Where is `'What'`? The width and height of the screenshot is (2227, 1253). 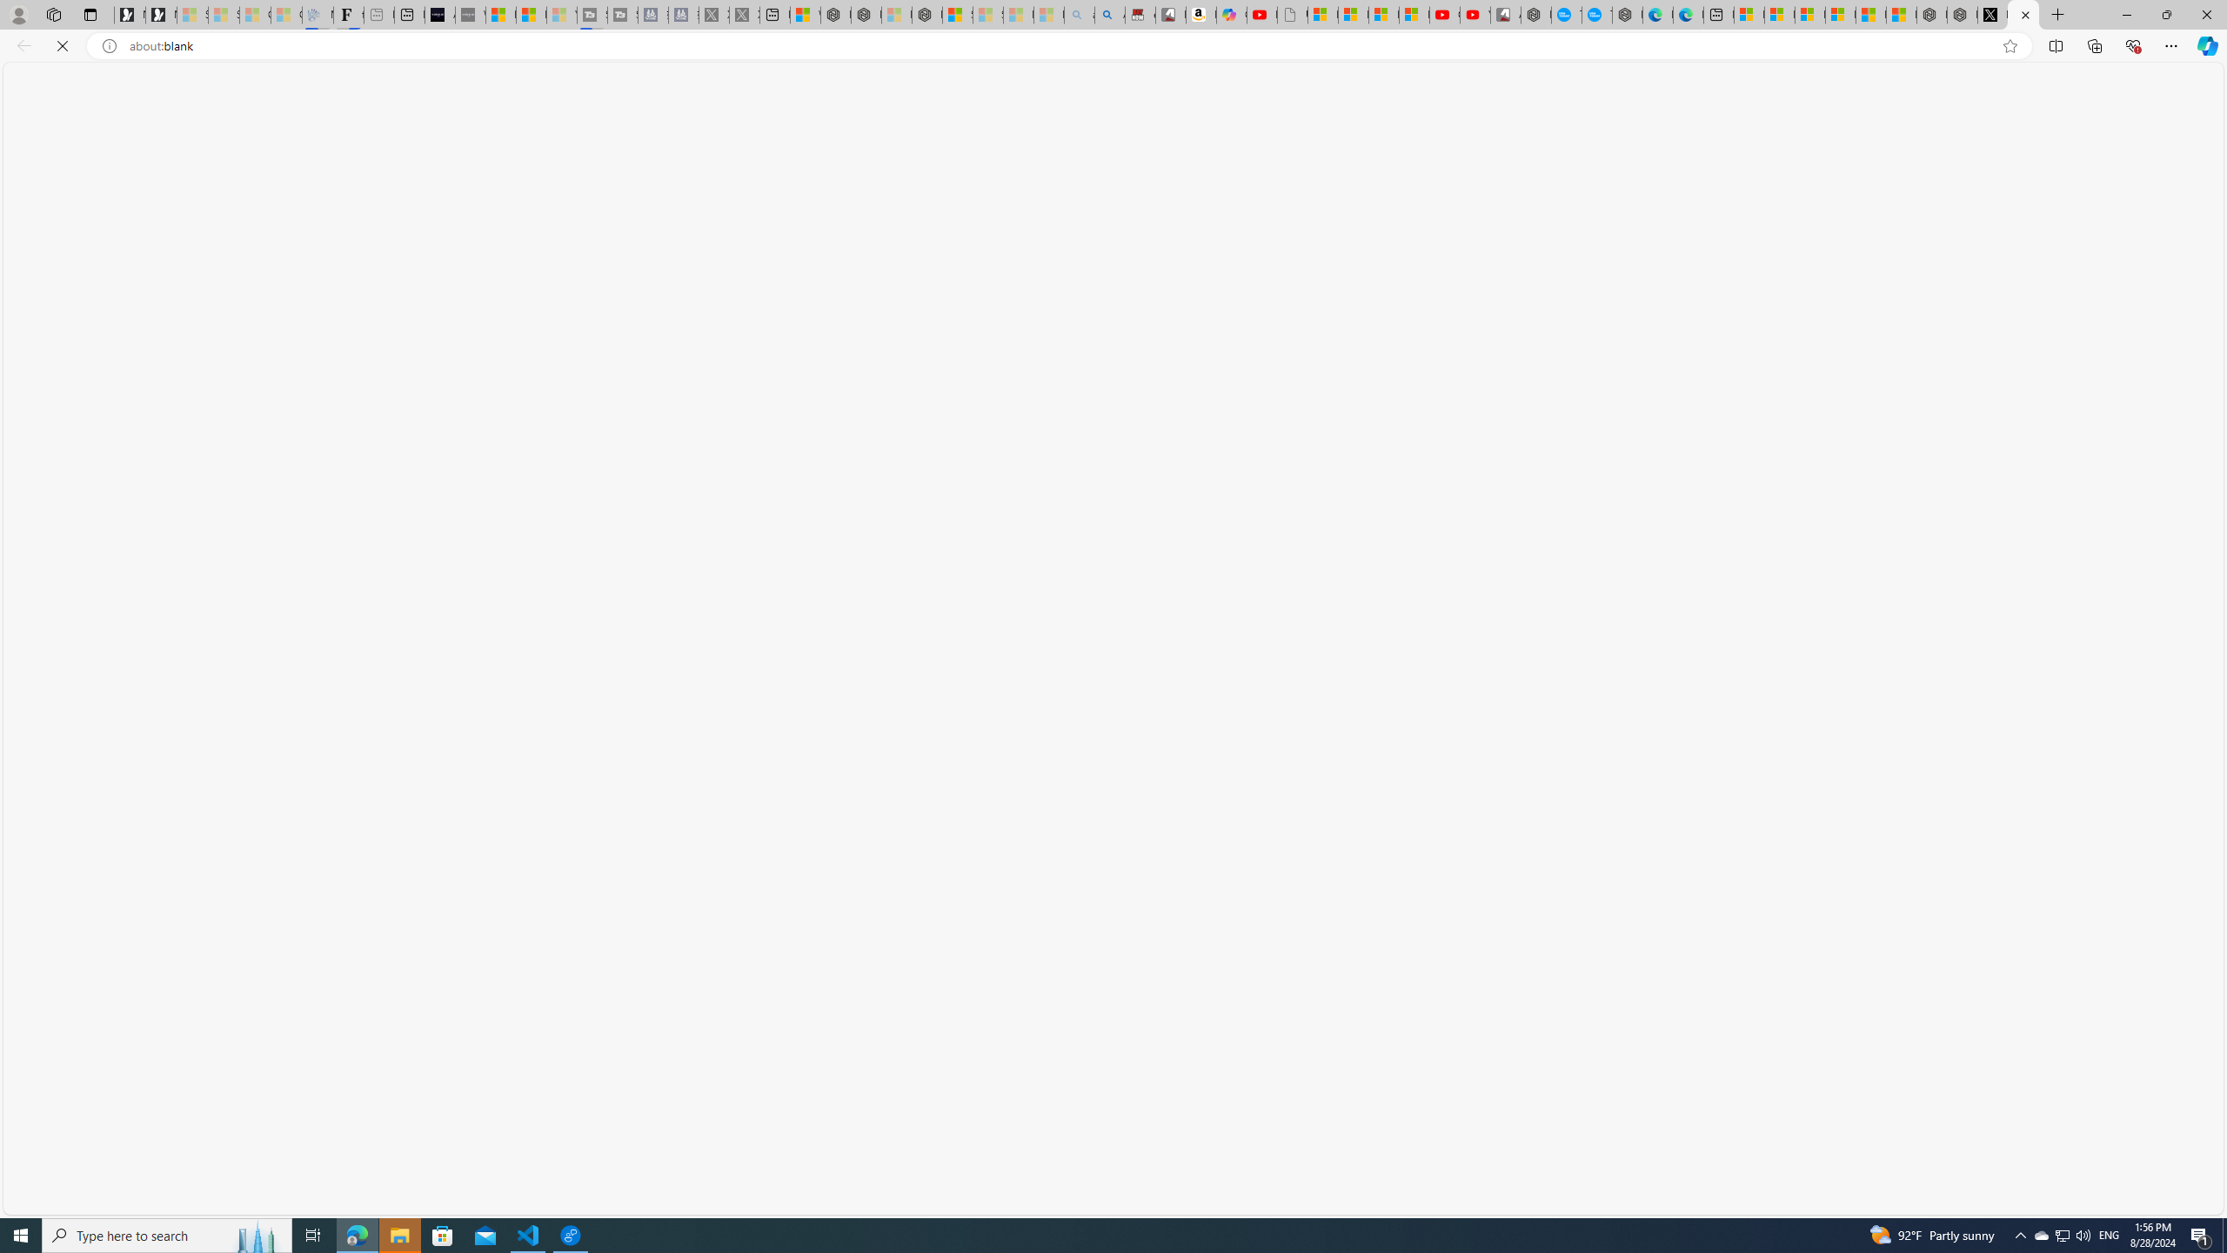
'What' is located at coordinates (469, 14).